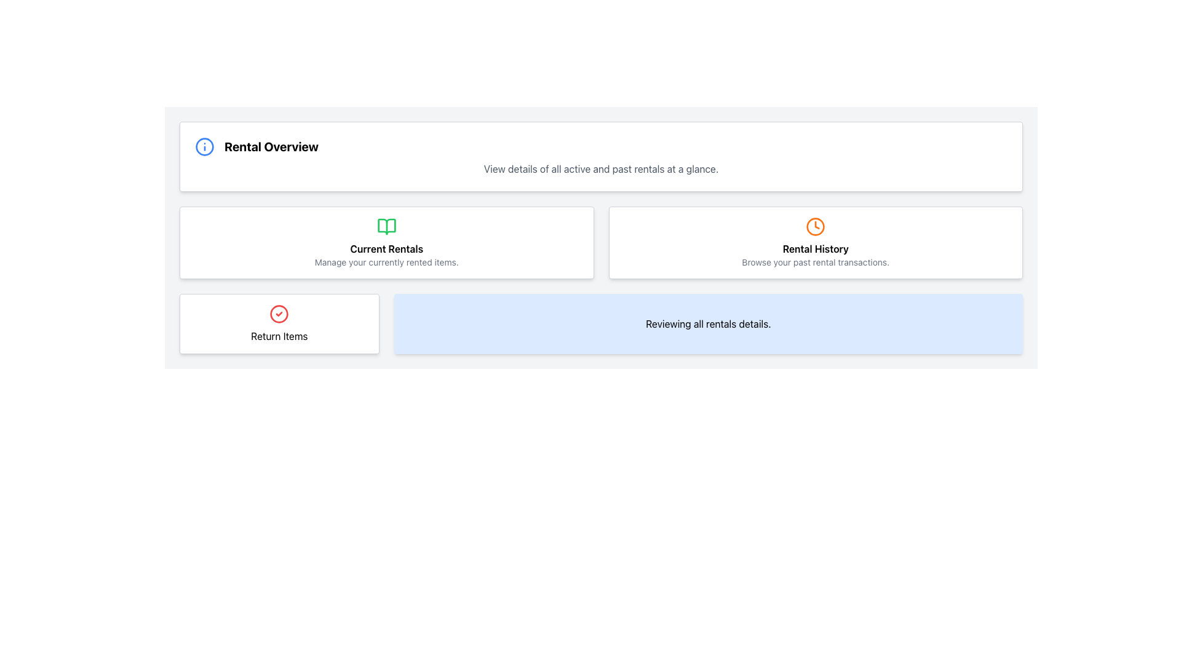 This screenshot has width=1181, height=664. I want to click on the left circular sub-component of the orange clock icon in the 'Rental History' section, which has a white background and orange outlines, so click(816, 227).